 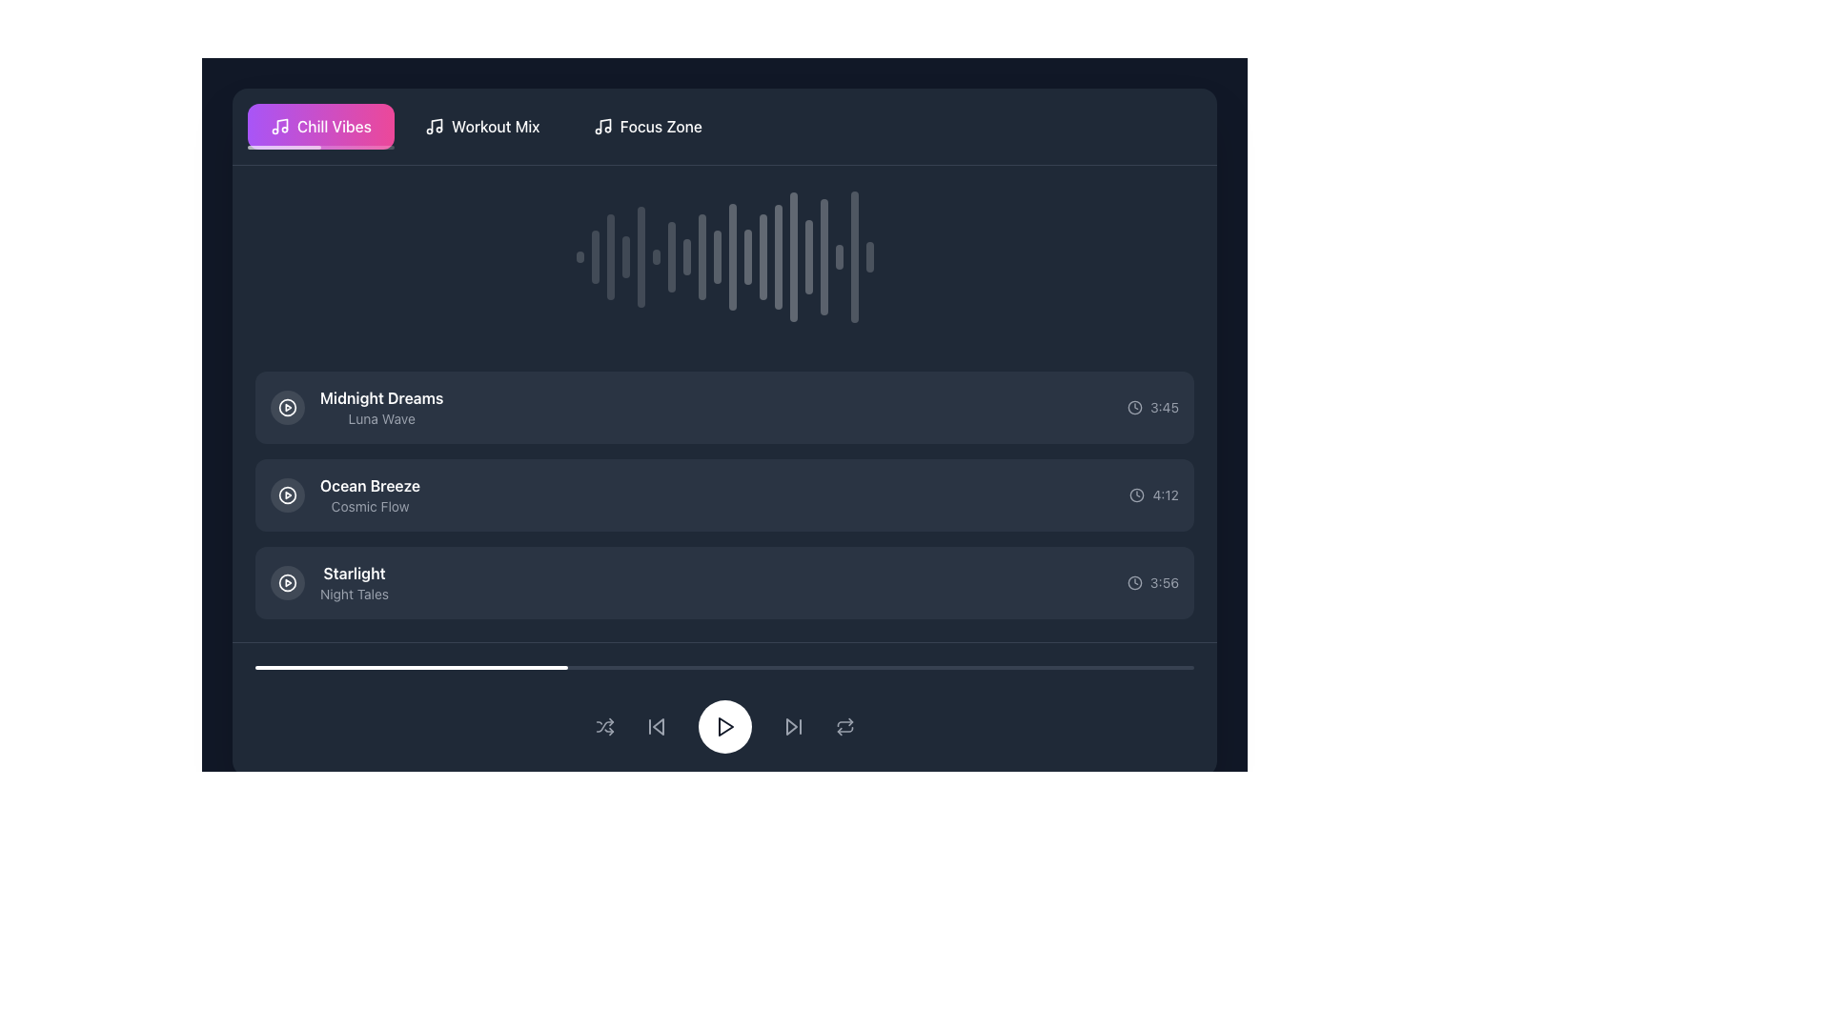 I want to click on the triangular Play icon located at the center of the bottom control panel, so click(x=724, y=727).